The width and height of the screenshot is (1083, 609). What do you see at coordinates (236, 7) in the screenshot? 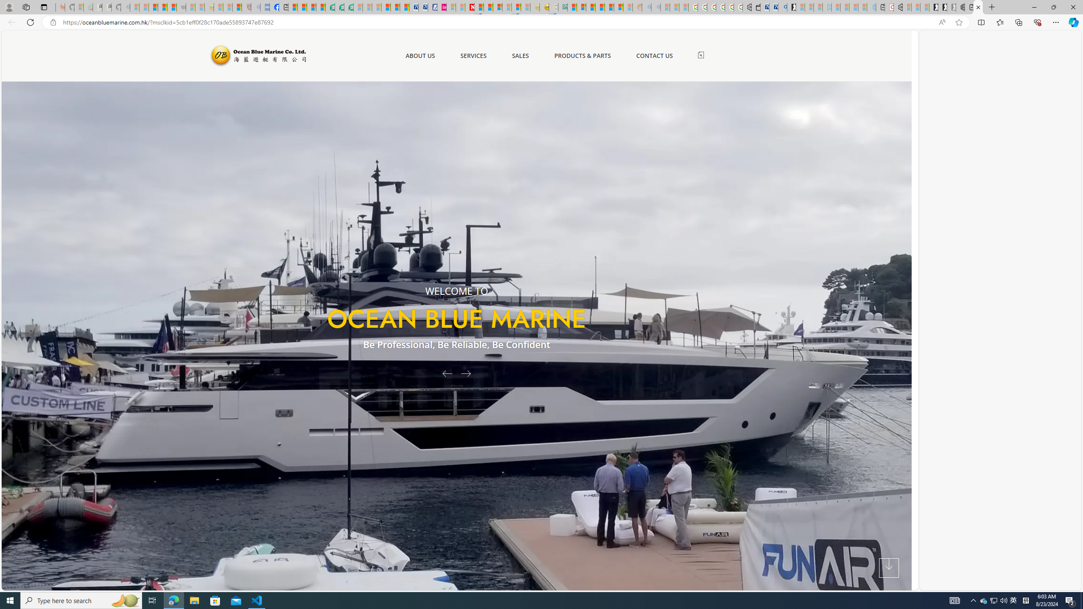
I see `'Local - MSN'` at bounding box center [236, 7].